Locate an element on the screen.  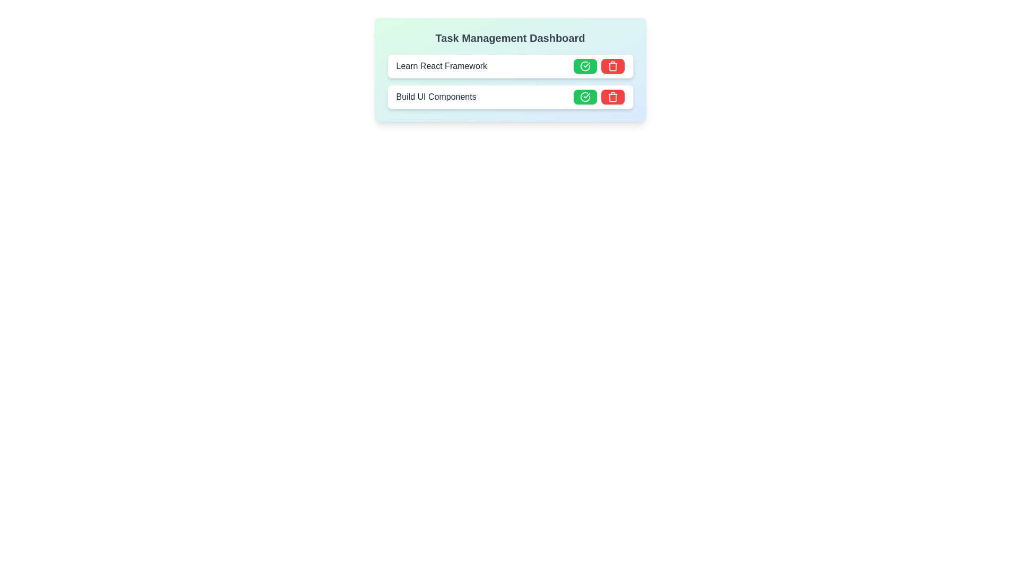
the green circular confirmation icon with a checkmark, located to the right of the text 'Build UI Components' is located at coordinates (584, 66).